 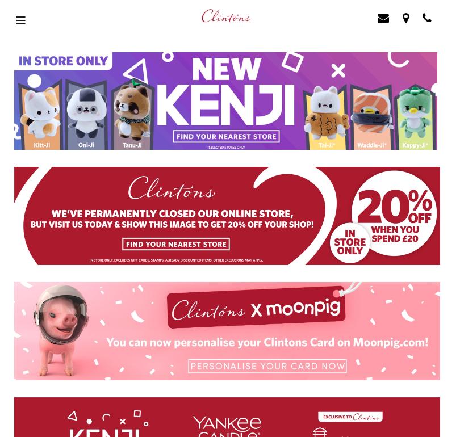 What do you see at coordinates (14, 415) in the screenshot?
I see `'HUMAN RESOURCES'` at bounding box center [14, 415].